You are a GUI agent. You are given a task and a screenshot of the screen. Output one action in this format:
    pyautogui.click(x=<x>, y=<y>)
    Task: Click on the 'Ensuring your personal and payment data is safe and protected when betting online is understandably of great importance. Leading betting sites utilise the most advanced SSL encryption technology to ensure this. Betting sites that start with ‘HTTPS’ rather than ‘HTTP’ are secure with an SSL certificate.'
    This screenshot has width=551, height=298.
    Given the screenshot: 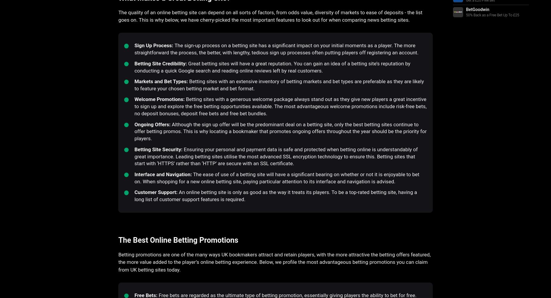 What is the action you would take?
    pyautogui.click(x=275, y=156)
    